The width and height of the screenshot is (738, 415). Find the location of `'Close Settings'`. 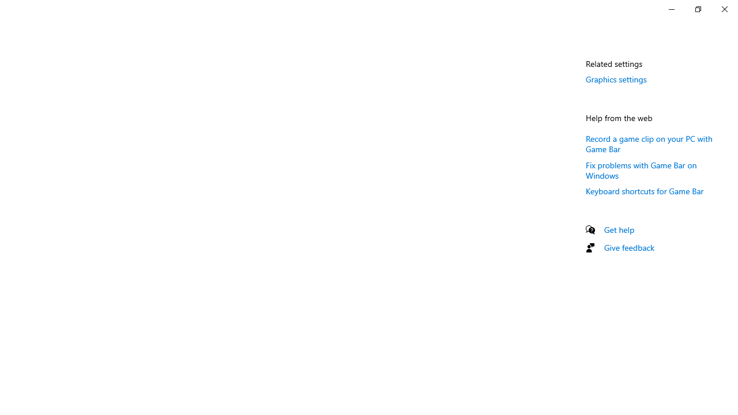

'Close Settings' is located at coordinates (724, 9).